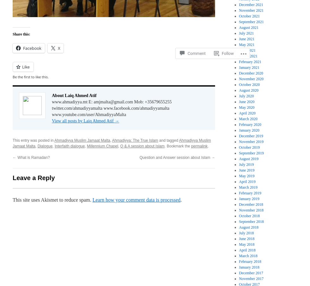  Describe the element at coordinates (34, 178) in the screenshot. I see `'Leave a Reply'` at that location.